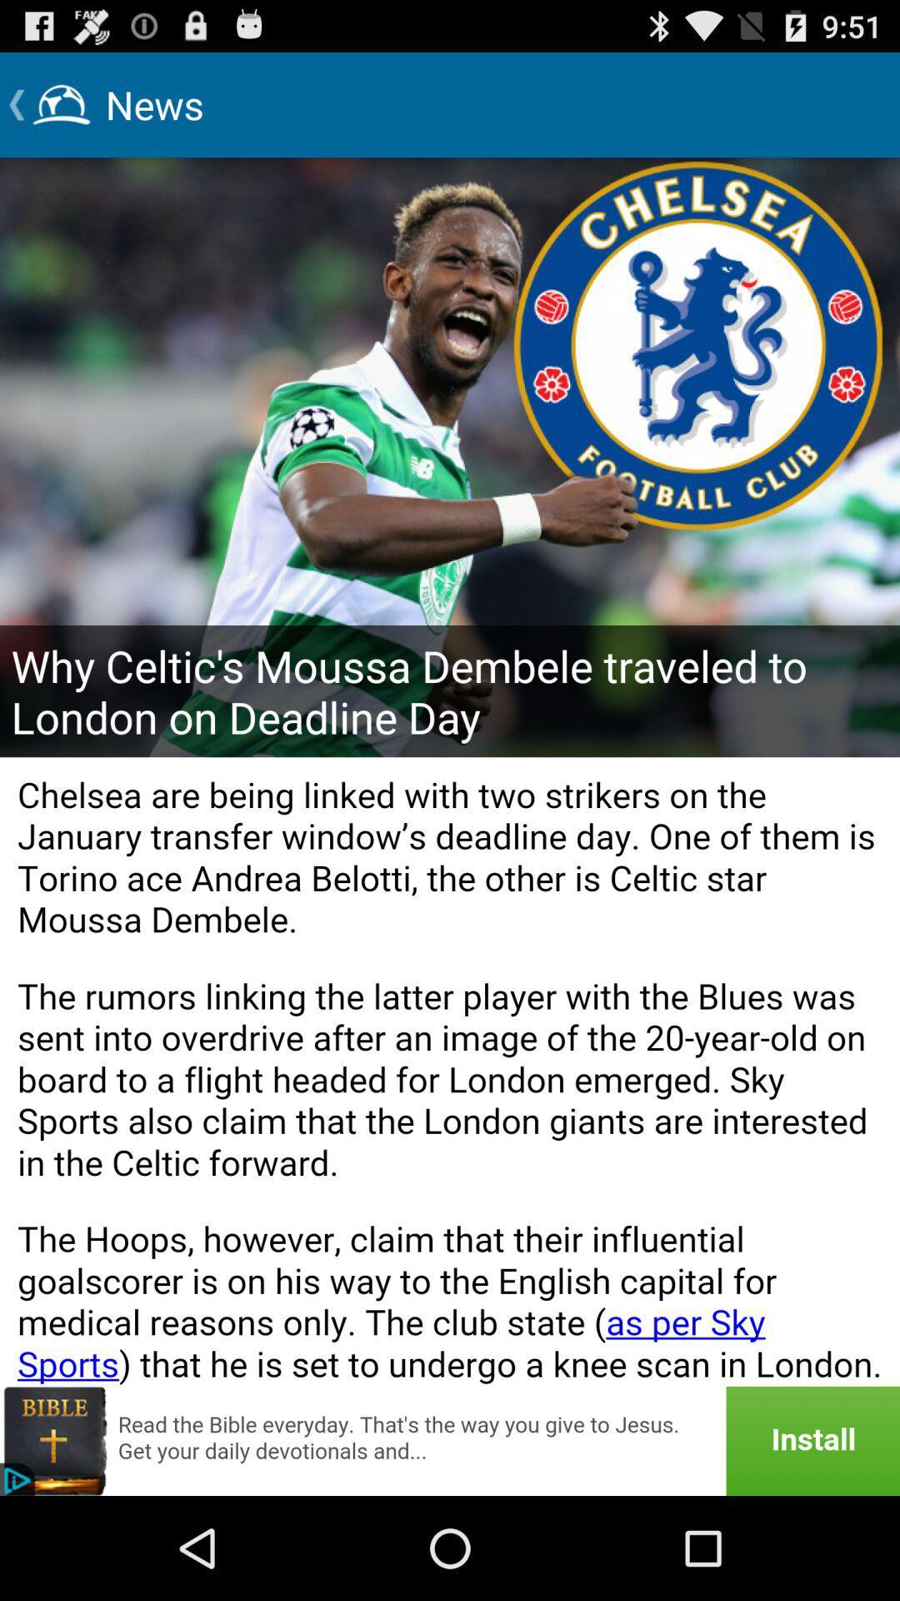 This screenshot has width=900, height=1601. Describe the element at coordinates (450, 1440) in the screenshot. I see `bible install` at that location.